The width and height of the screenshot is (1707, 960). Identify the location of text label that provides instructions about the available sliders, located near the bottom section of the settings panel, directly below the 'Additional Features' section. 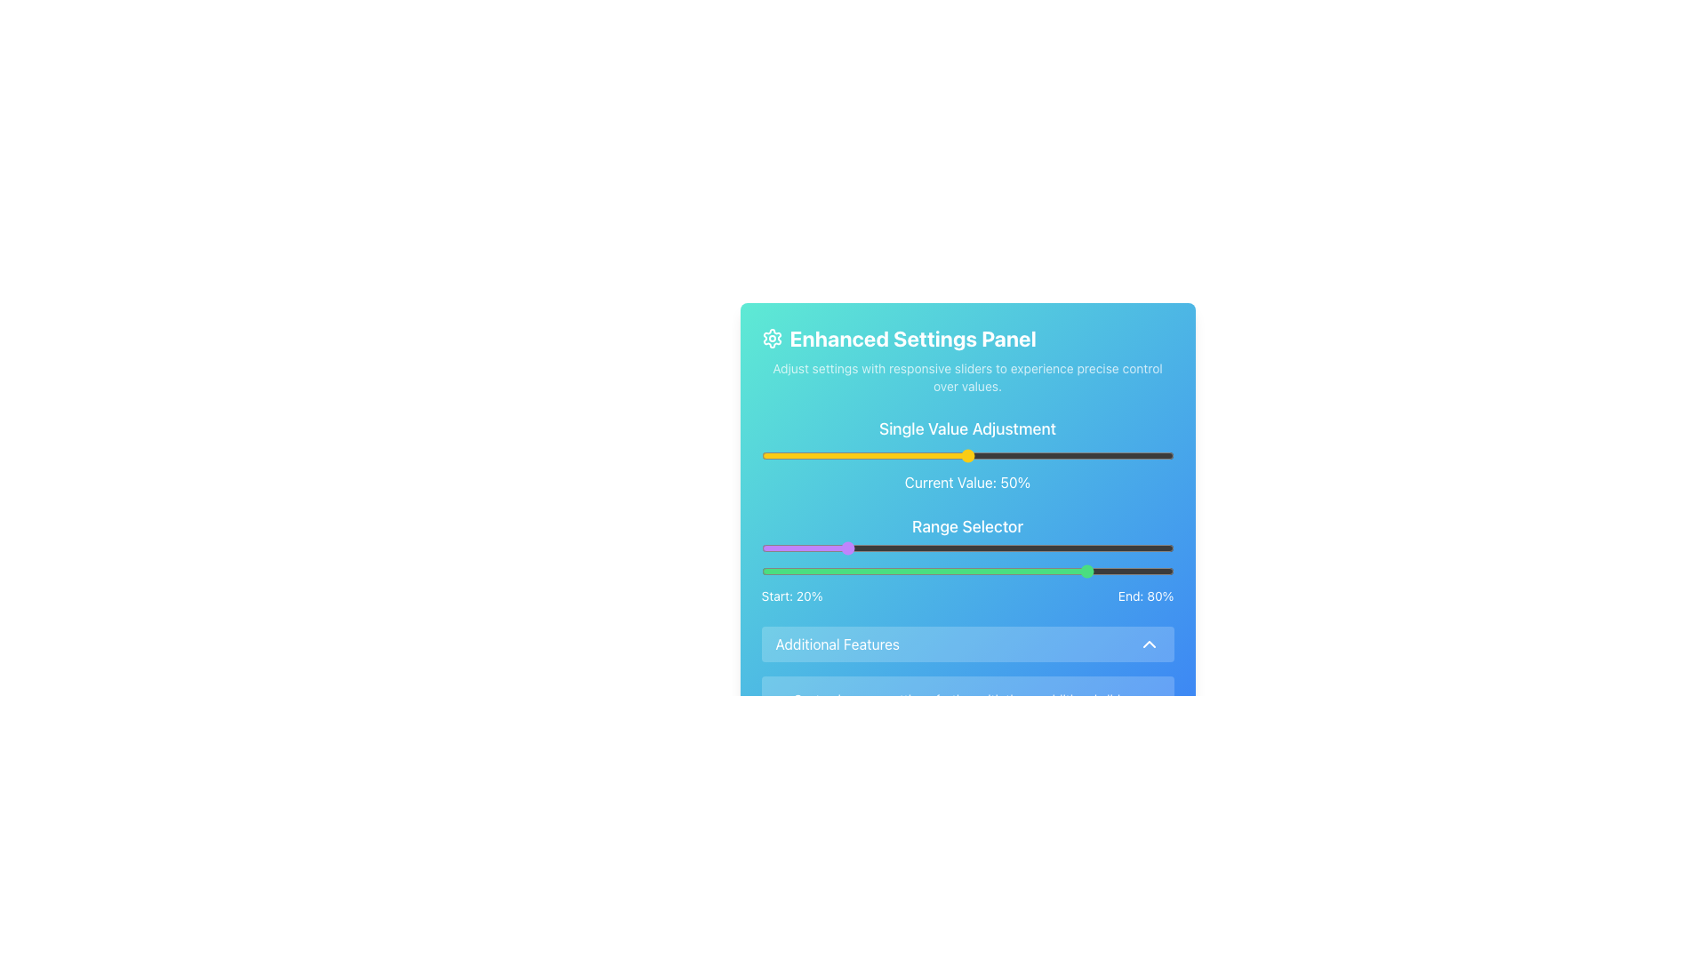
(966, 698).